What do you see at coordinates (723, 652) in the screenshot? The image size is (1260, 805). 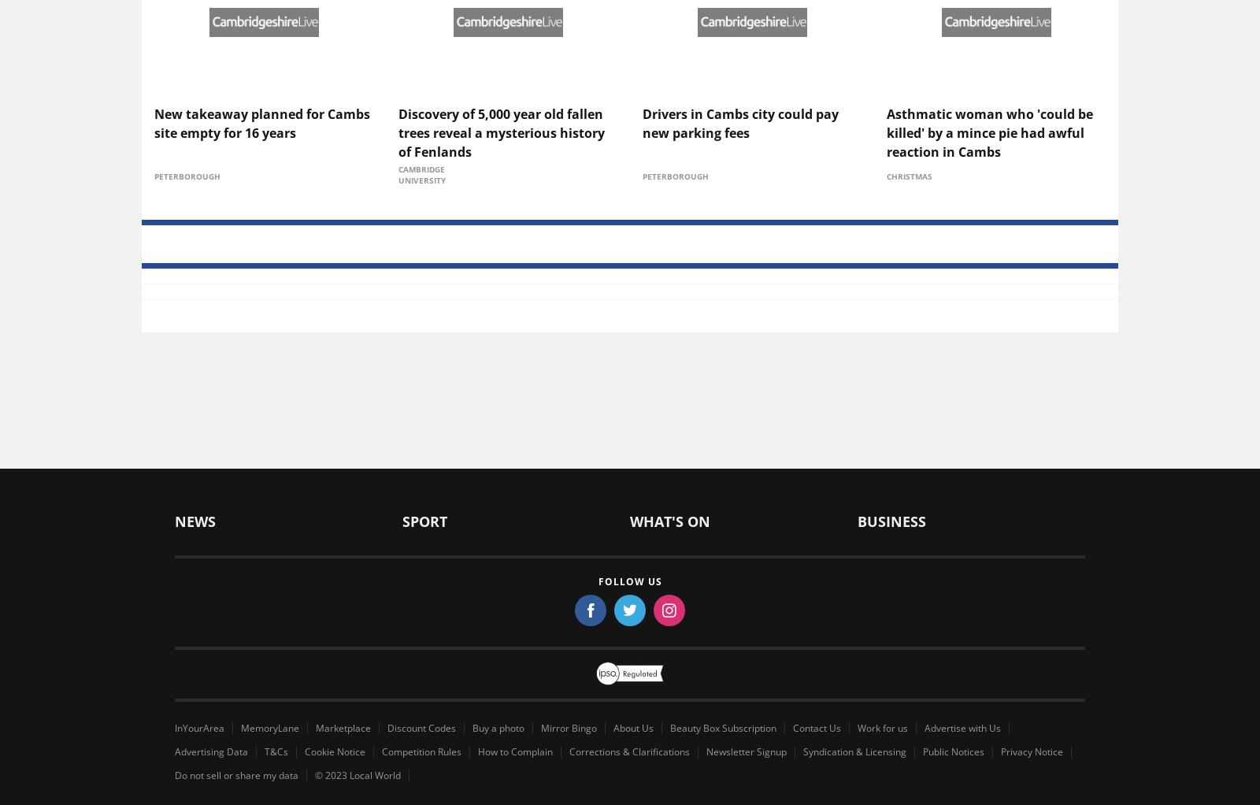 I see `'Death and funeral announcements across Cambridgeshire this week'` at bounding box center [723, 652].